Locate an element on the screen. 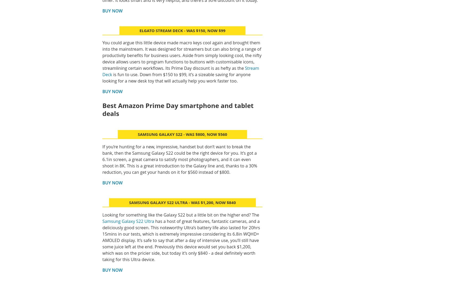 This screenshot has height=281, width=450. 'You could argue this little device made macro keys cool again and brought them into the mainstream. It was designed for streamers but can also bring a range of productivity benefits for business users. Aside from simply looking cool, the nifty device allows users to program functions to buttons with customisable icons, streamlining certain workflows. Its Prime Day discount is as hefty as the' is located at coordinates (182, 55).